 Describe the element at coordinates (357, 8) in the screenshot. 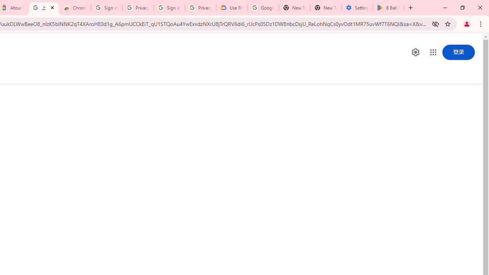

I see `'Settings - System'` at that location.